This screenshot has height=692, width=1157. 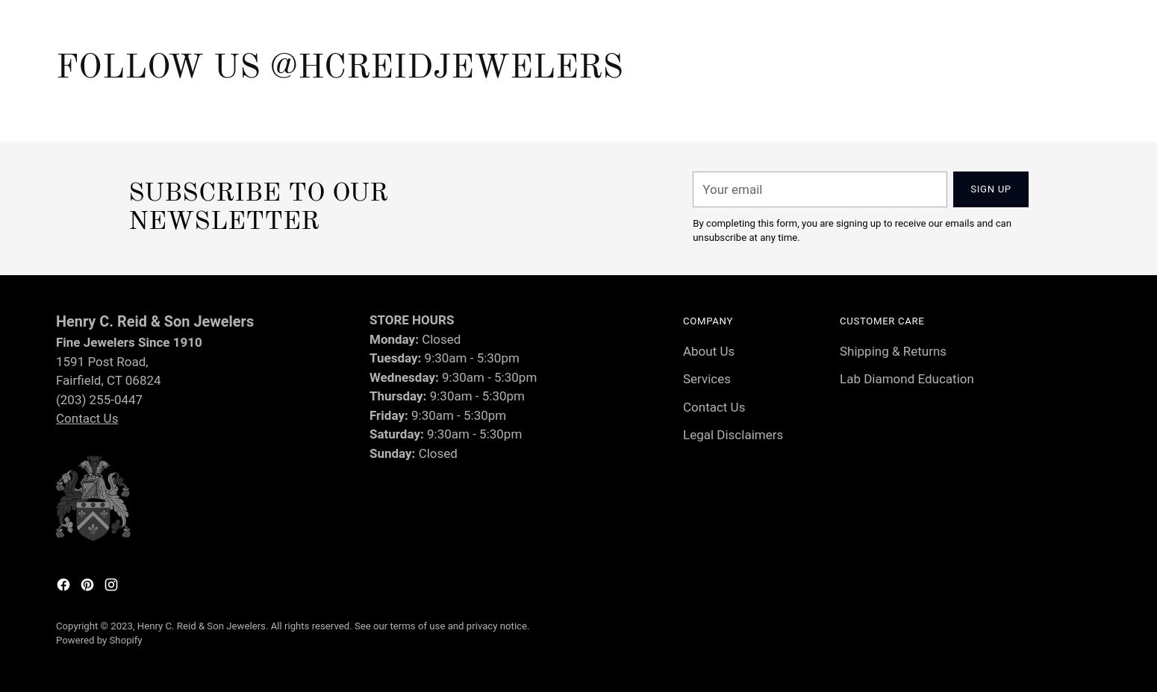 I want to click on '1591 Post Road,', so click(x=101, y=360).